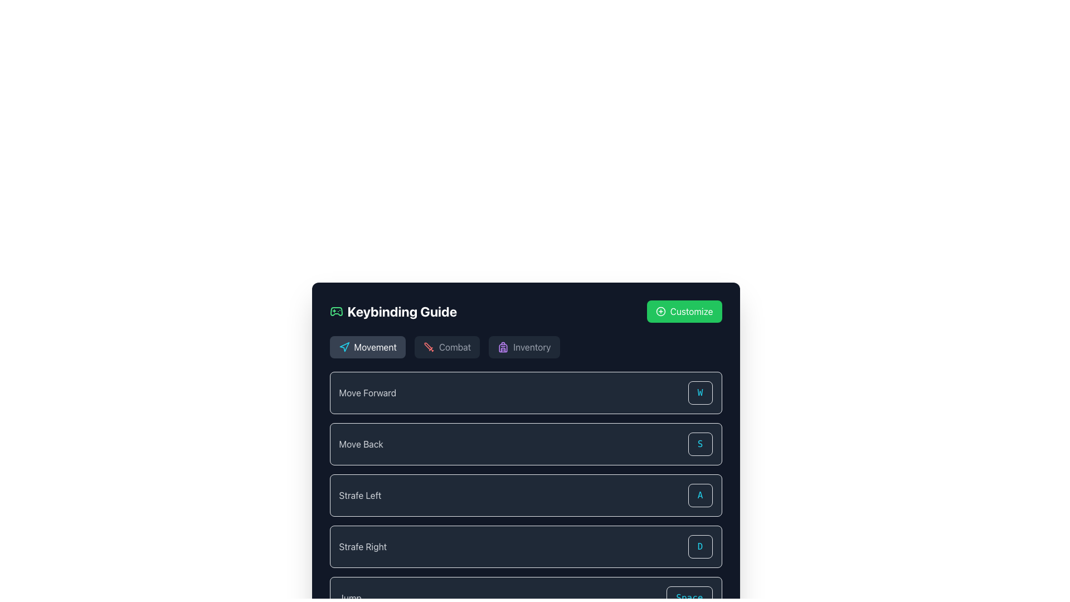 The image size is (1070, 602). I want to click on the second button in the horizontal row, which activates the Combat section of the interface, so click(447, 347).